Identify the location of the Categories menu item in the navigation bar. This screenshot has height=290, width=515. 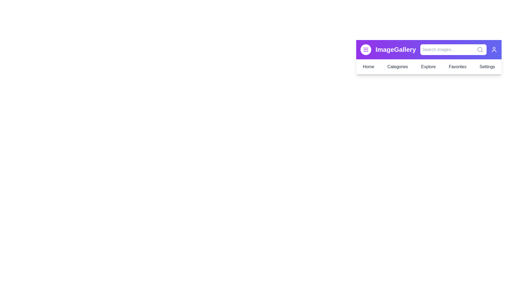
(398, 67).